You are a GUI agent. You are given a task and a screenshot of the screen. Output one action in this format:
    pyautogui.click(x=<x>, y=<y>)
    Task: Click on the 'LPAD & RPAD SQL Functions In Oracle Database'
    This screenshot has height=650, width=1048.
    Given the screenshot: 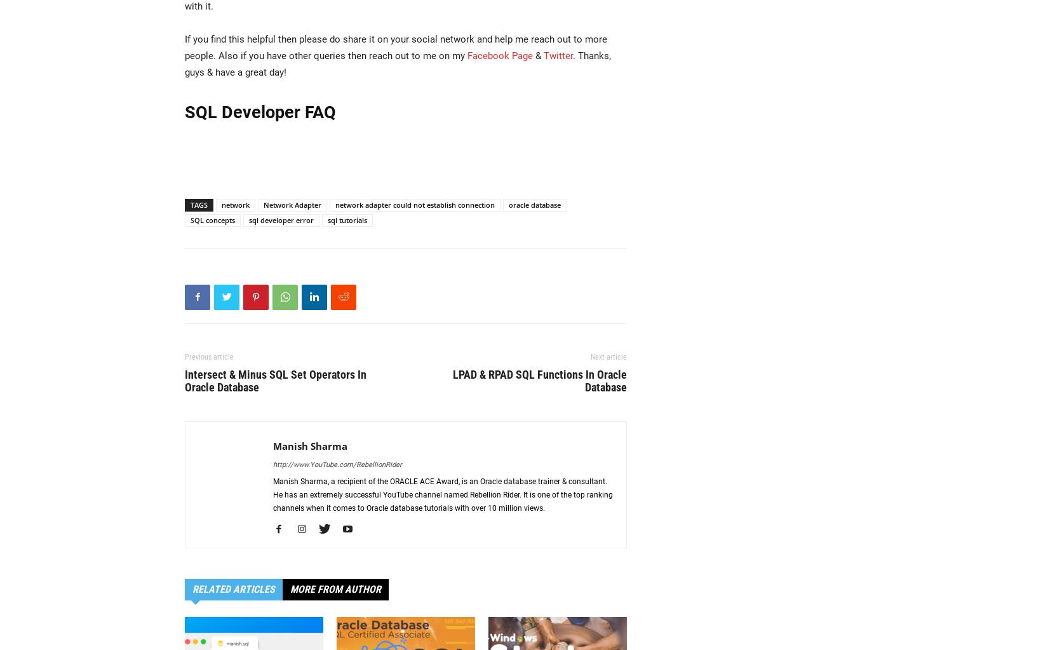 What is the action you would take?
    pyautogui.click(x=540, y=379)
    